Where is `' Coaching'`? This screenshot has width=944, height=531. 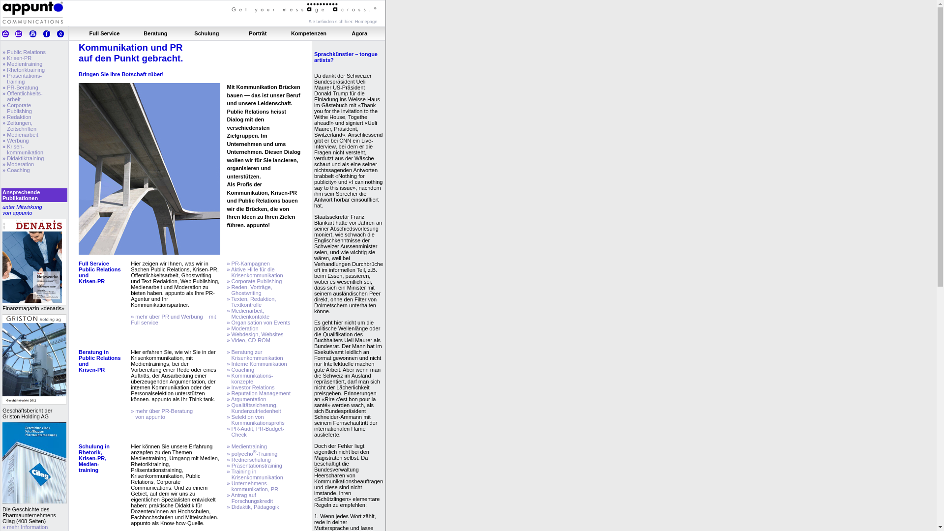 ' Coaching' is located at coordinates (17, 170).